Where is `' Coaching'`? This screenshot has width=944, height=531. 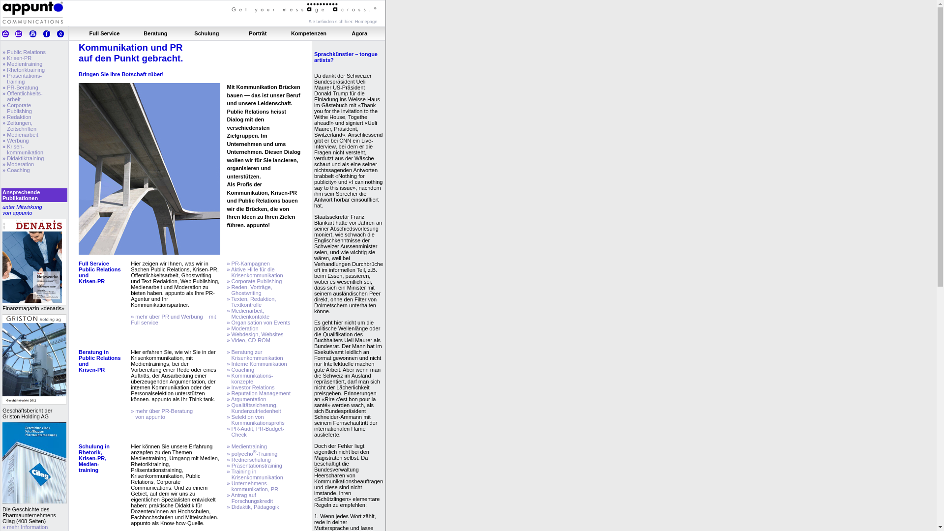 ' Coaching' is located at coordinates (17, 170).